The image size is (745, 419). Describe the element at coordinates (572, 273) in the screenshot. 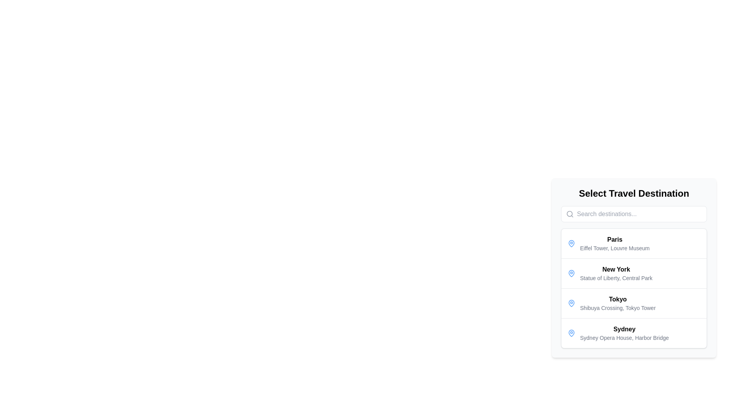

I see `the geographical location icon next to the 'New York' entry in the travel destinations list` at that location.